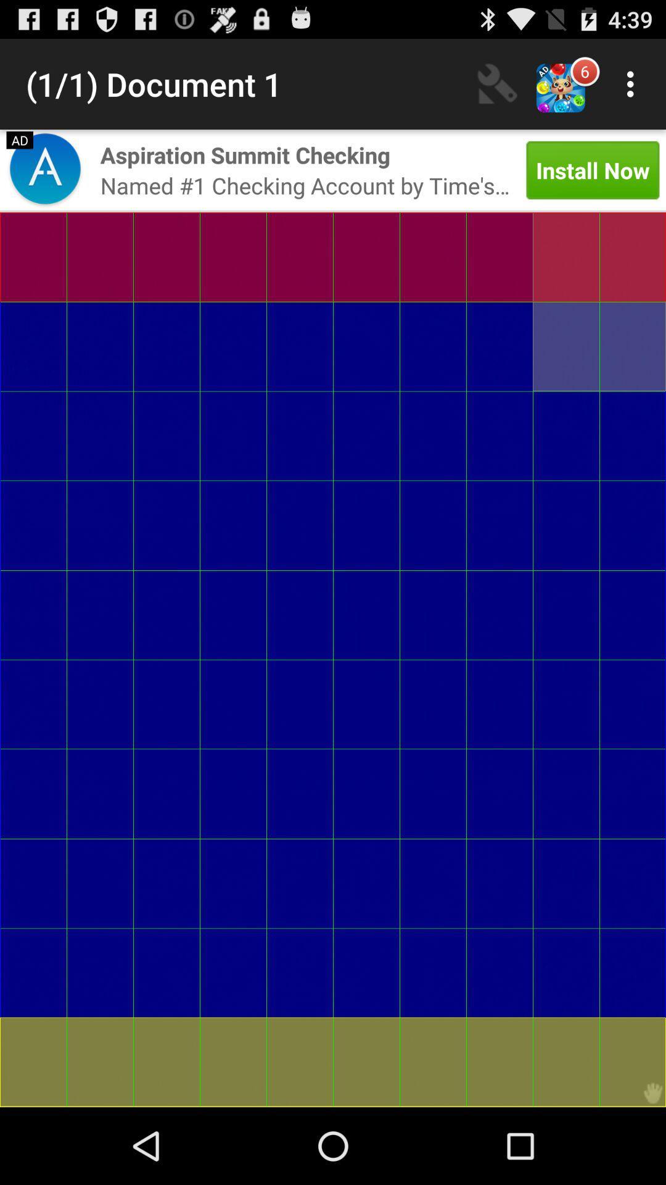 Image resolution: width=666 pixels, height=1185 pixels. Describe the element at coordinates (592, 169) in the screenshot. I see `icon next to the named 1 checking icon` at that location.